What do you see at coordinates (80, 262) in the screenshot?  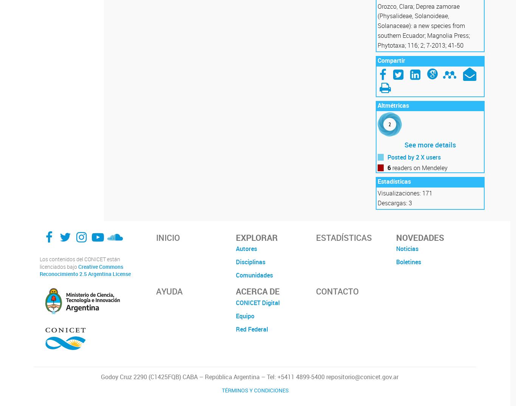 I see `'Los contenidos del CONICET están licenciados bajo'` at bounding box center [80, 262].